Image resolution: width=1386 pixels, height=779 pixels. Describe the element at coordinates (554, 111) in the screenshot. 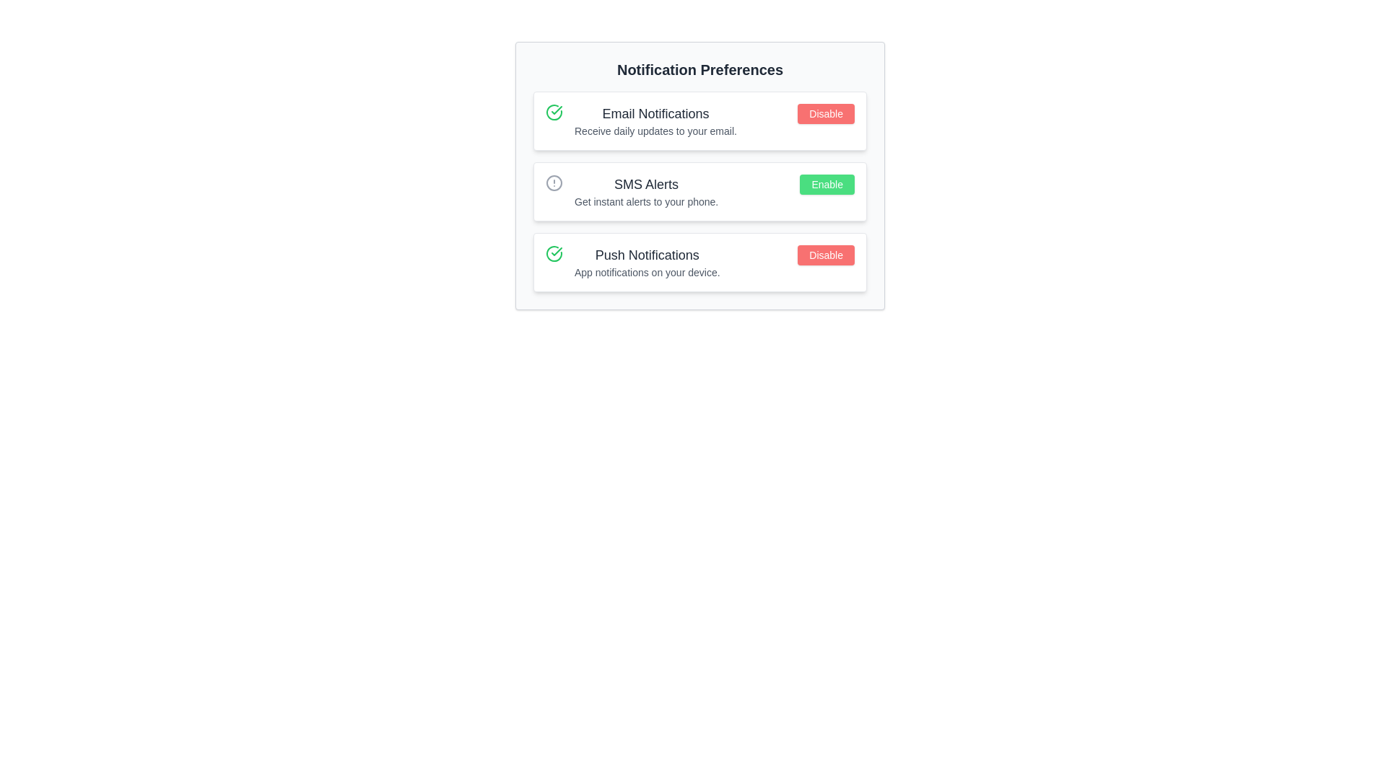

I see `the green circular icon with a checkmark symbol located near the 'Email Notifications' text` at that location.